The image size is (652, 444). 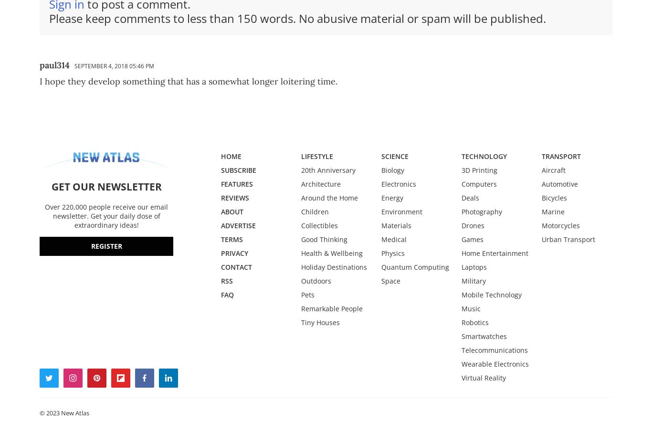 I want to click on 'Photography', so click(x=461, y=211).